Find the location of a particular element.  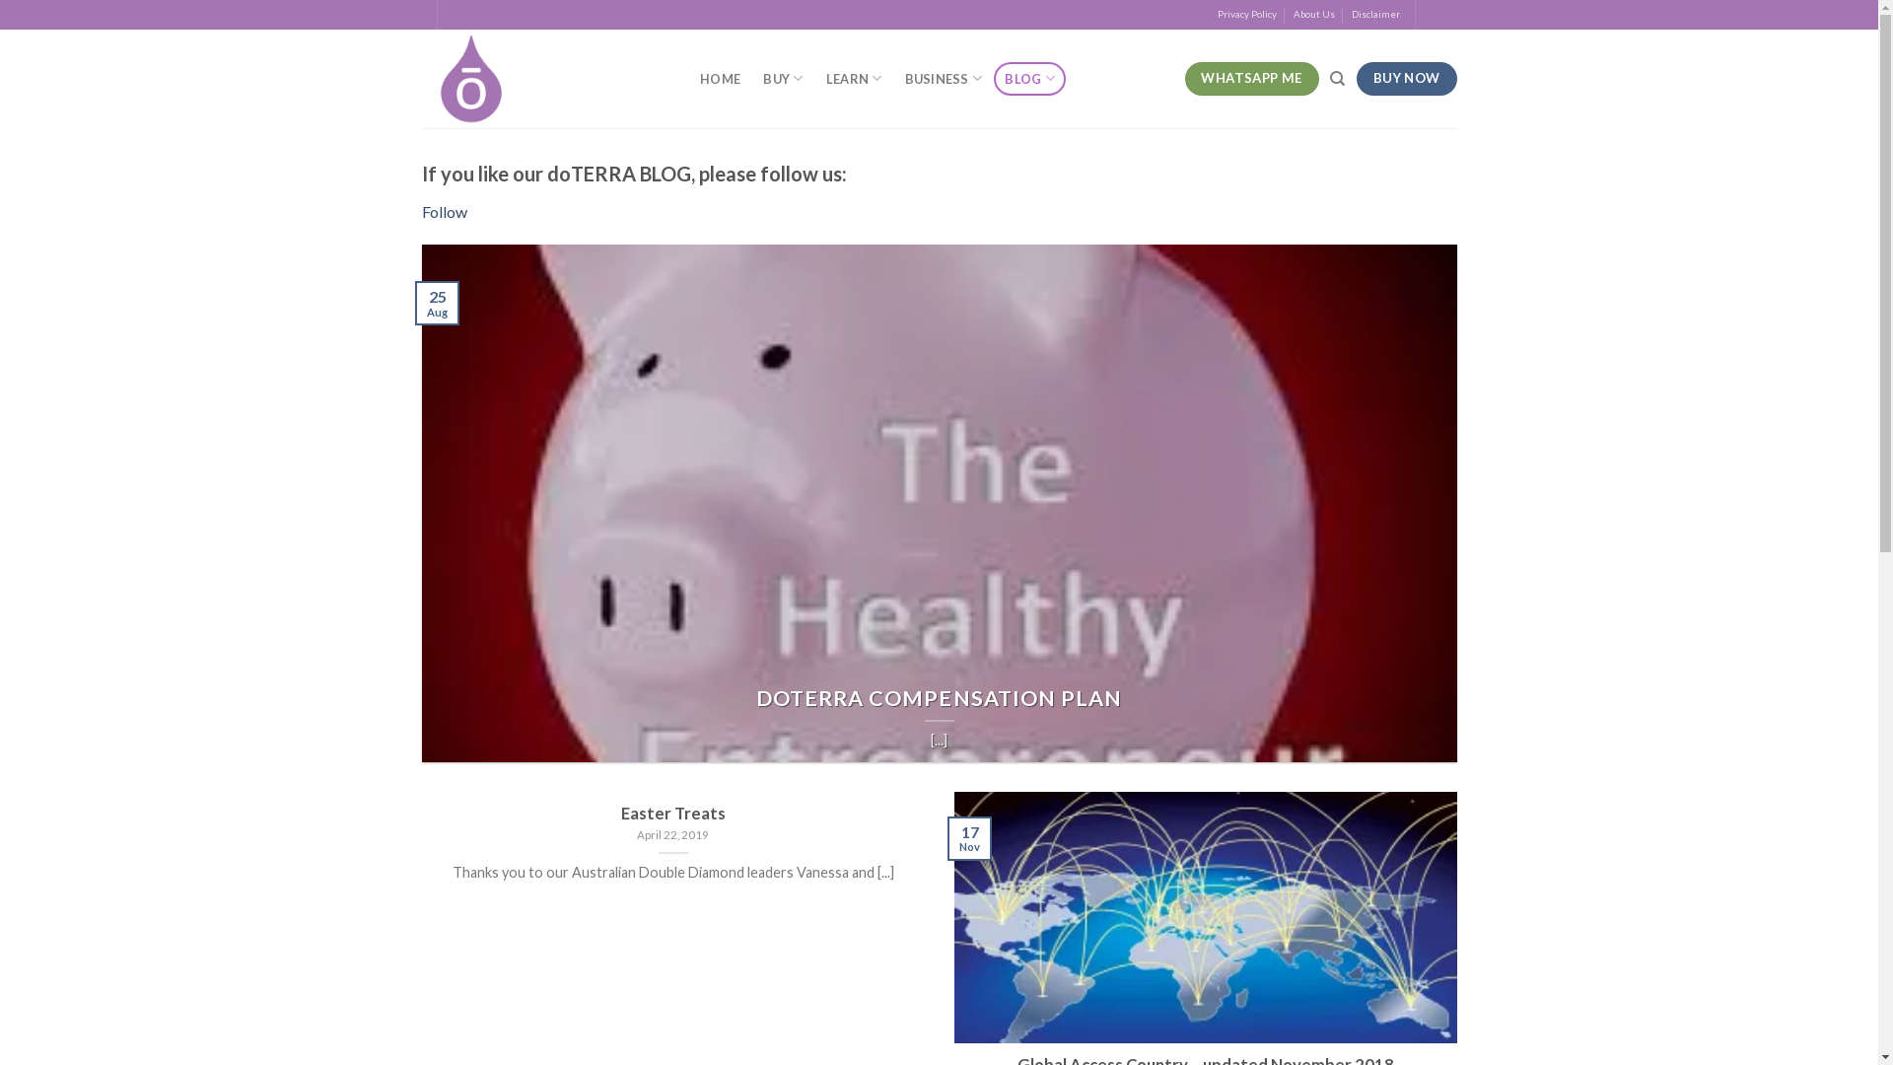

'BUY NOW' is located at coordinates (1356, 78).